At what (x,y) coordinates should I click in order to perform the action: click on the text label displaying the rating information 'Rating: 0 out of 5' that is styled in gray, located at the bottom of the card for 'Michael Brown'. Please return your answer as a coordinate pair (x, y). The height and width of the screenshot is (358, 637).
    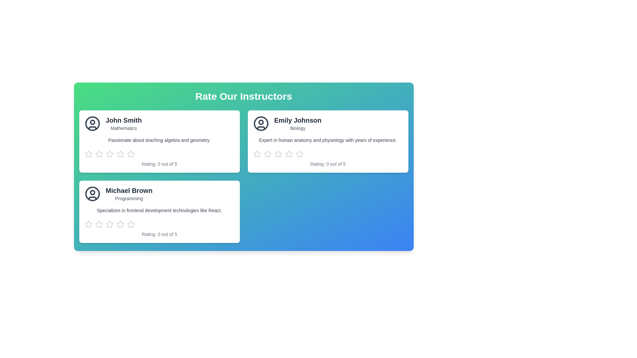
    Looking at the image, I should click on (159, 234).